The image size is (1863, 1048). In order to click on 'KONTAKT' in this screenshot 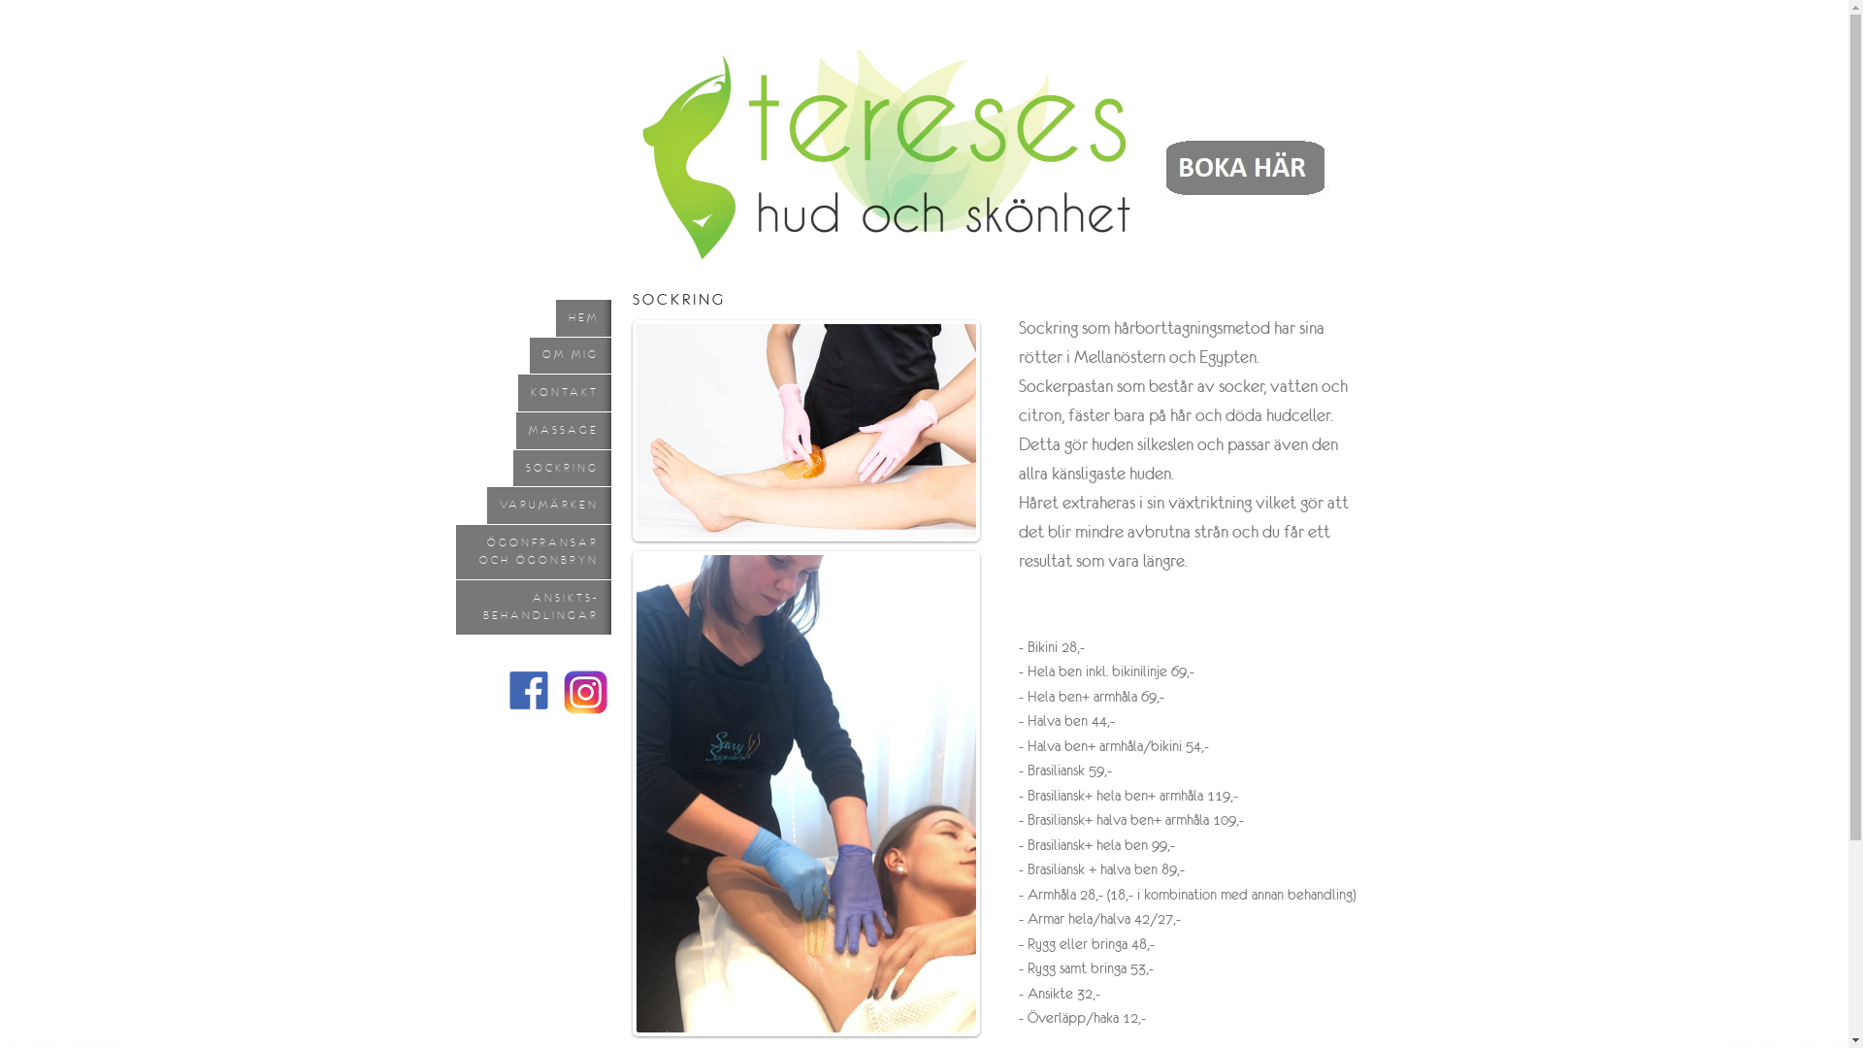, I will do `click(563, 393)`.